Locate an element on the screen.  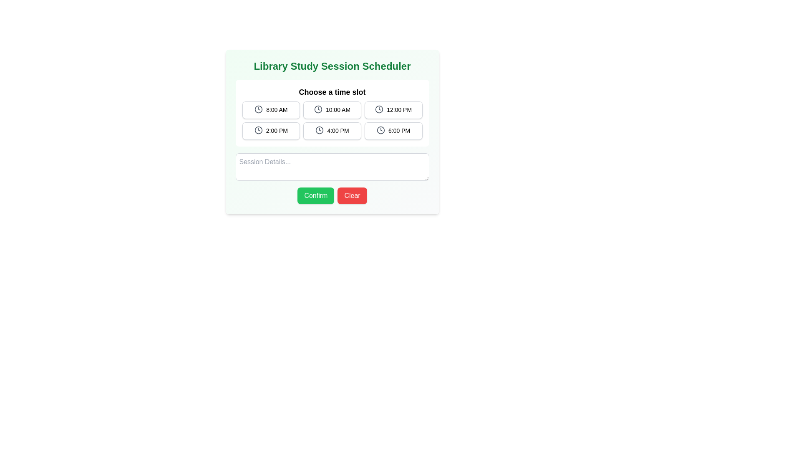
the circular icon that represents the main body of a clock illustration, located to the left of the 6:00 PM time label is located at coordinates (380, 130).